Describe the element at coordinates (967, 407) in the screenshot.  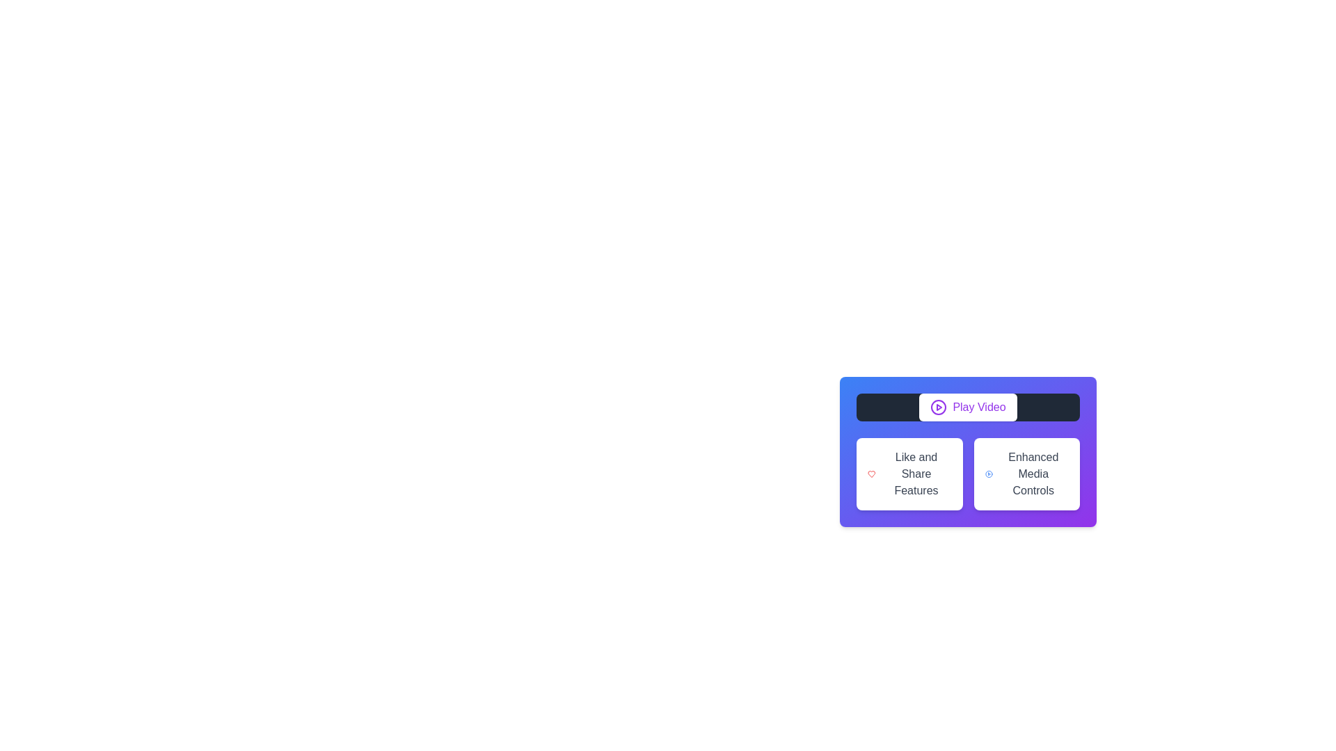
I see `the rectangular button with a purple outline and 'Play Video' text` at that location.